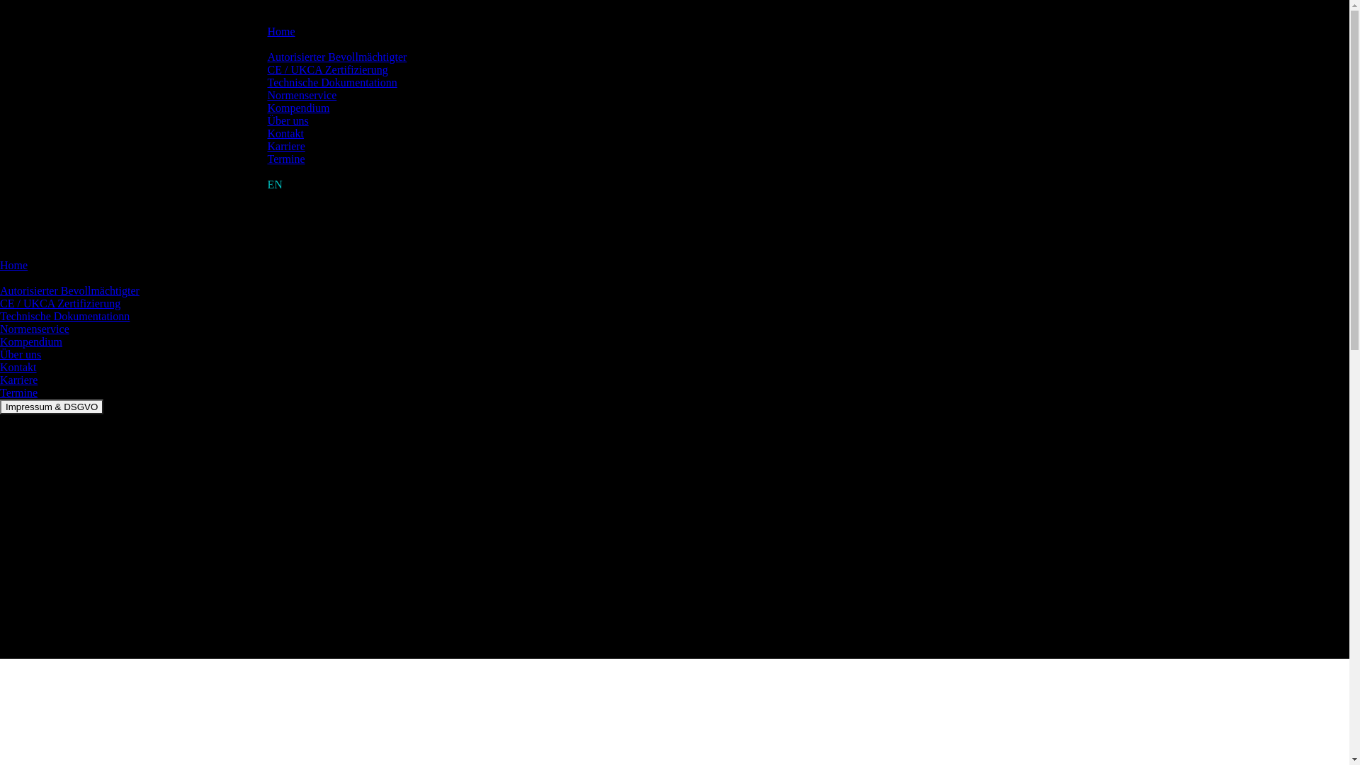 The height and width of the screenshot is (765, 1360). I want to click on 'CE / UKCA Zertifizierung', so click(59, 302).